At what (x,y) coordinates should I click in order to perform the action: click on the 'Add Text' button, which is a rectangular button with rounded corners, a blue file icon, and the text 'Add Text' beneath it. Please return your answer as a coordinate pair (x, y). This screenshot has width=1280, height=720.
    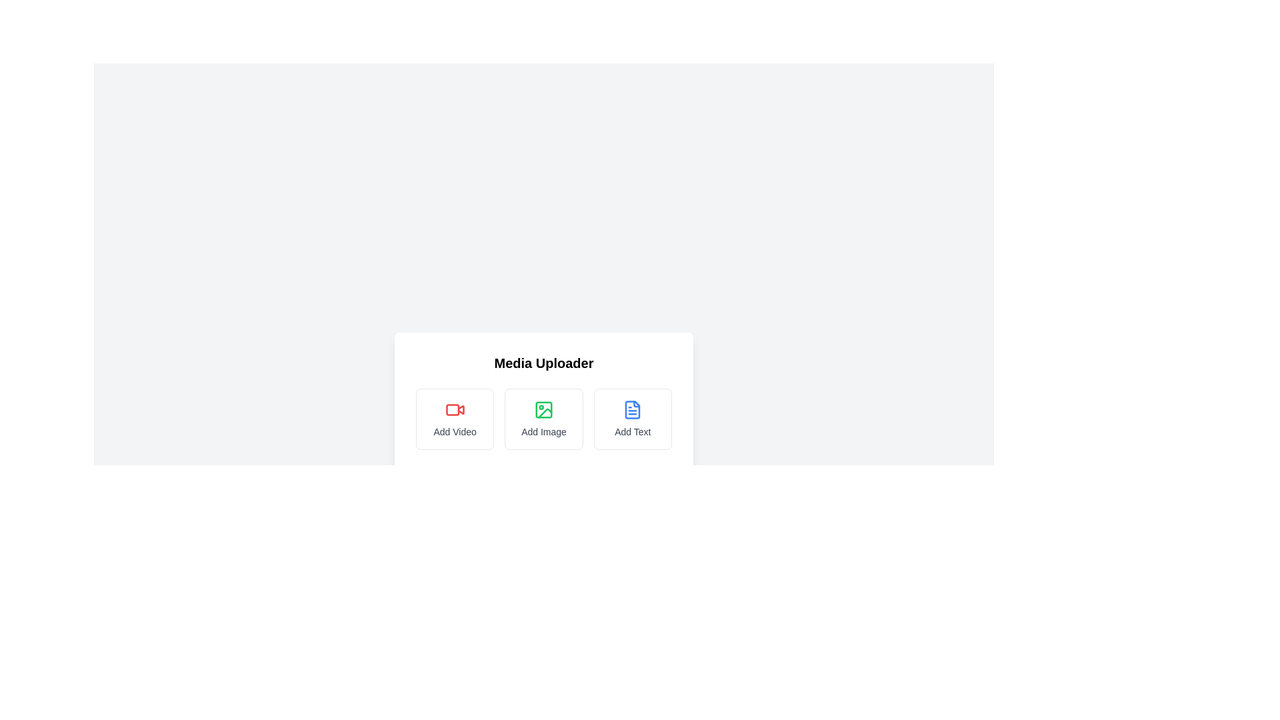
    Looking at the image, I should click on (632, 418).